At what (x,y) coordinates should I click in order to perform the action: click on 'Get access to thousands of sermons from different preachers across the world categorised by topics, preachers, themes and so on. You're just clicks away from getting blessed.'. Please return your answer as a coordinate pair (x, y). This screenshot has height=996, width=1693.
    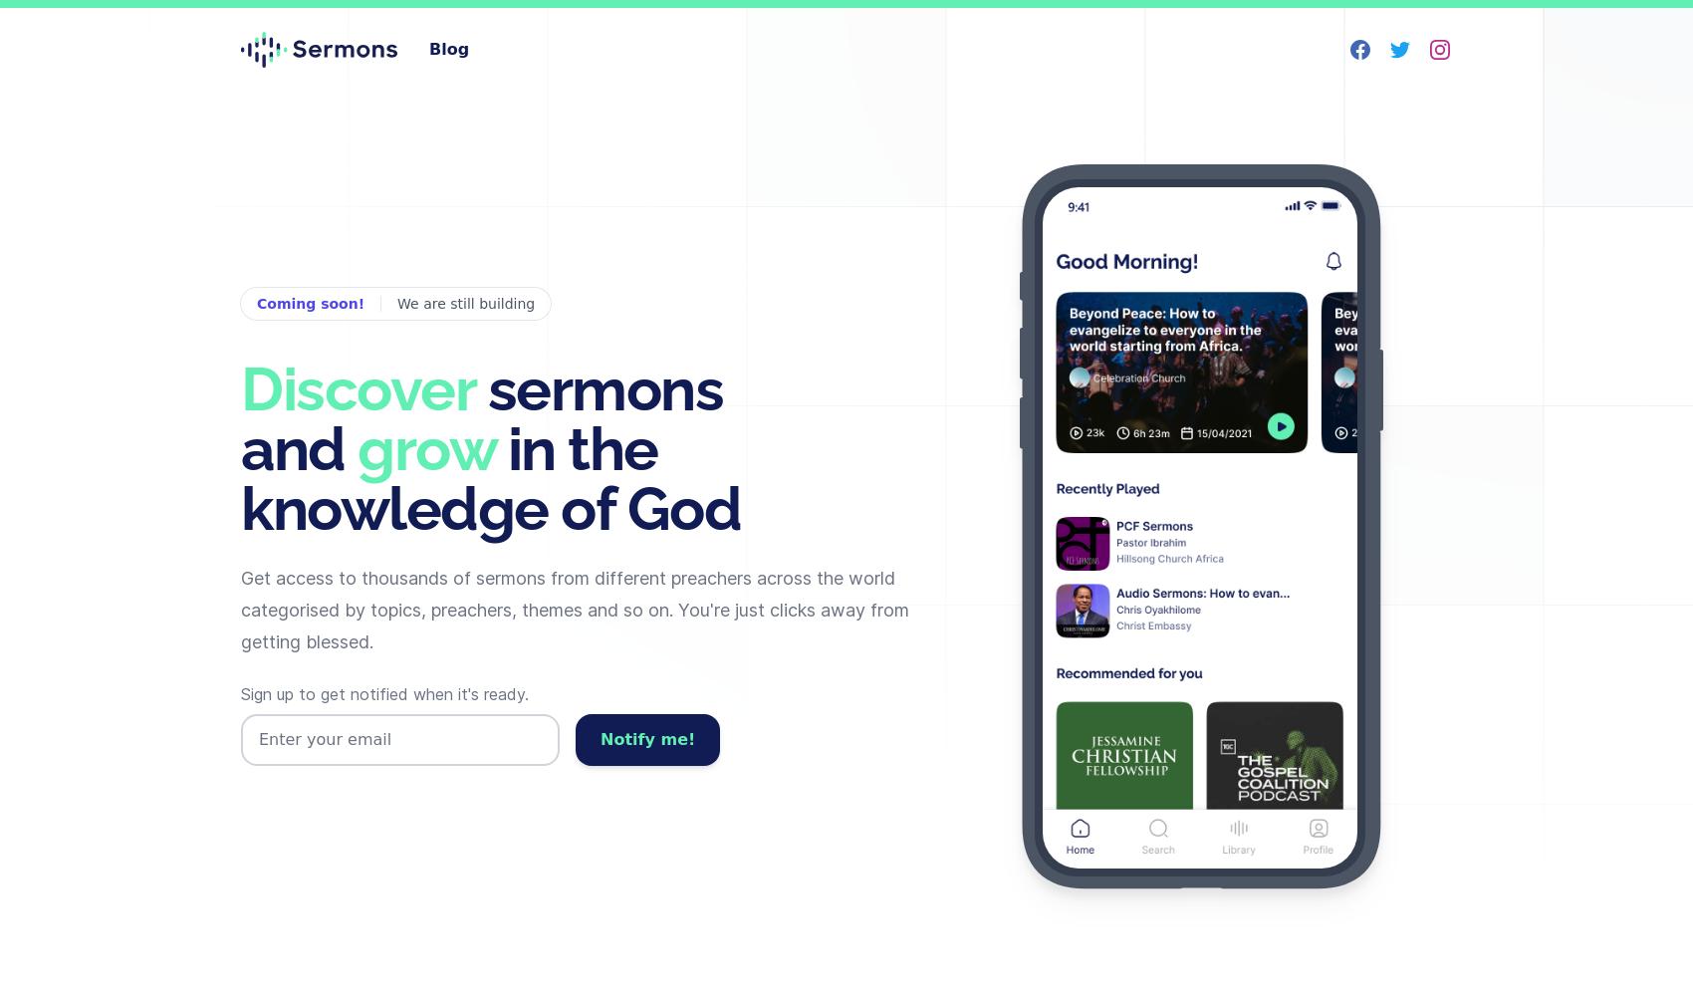
    Looking at the image, I should click on (241, 608).